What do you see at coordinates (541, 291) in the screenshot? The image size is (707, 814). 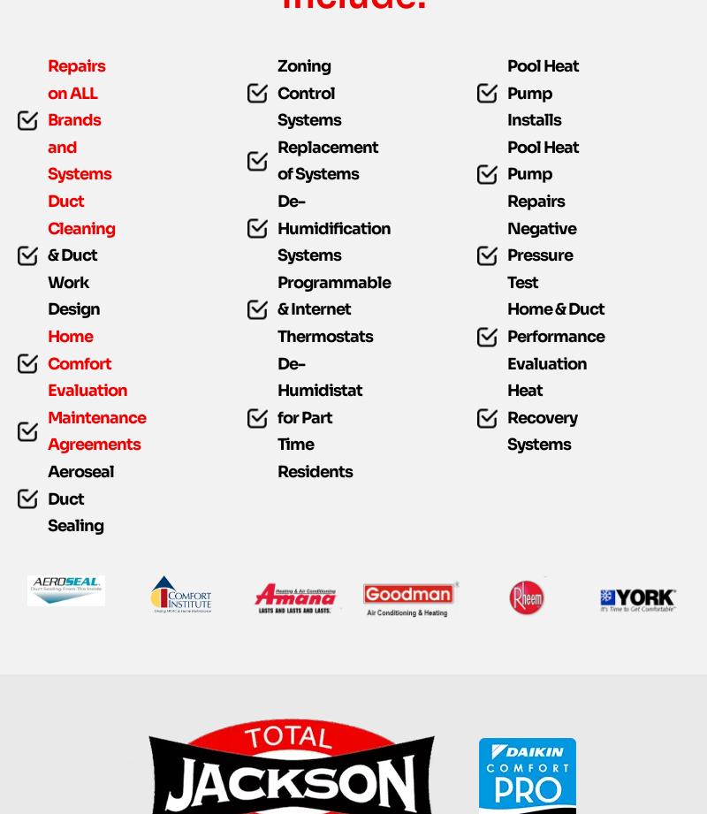 I see `'Negative Pressure Test'` at bounding box center [541, 291].